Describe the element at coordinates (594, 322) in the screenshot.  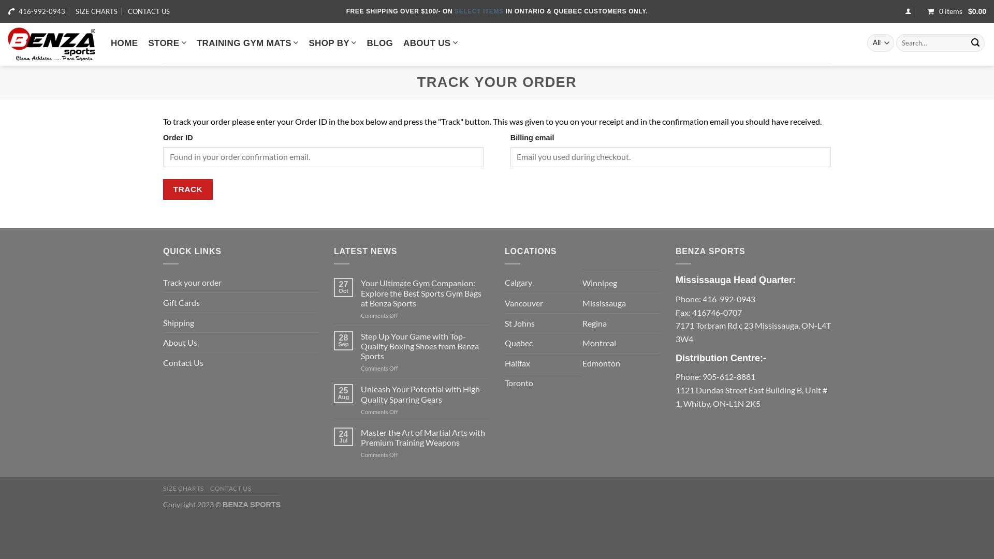
I see `'Regina'` at that location.